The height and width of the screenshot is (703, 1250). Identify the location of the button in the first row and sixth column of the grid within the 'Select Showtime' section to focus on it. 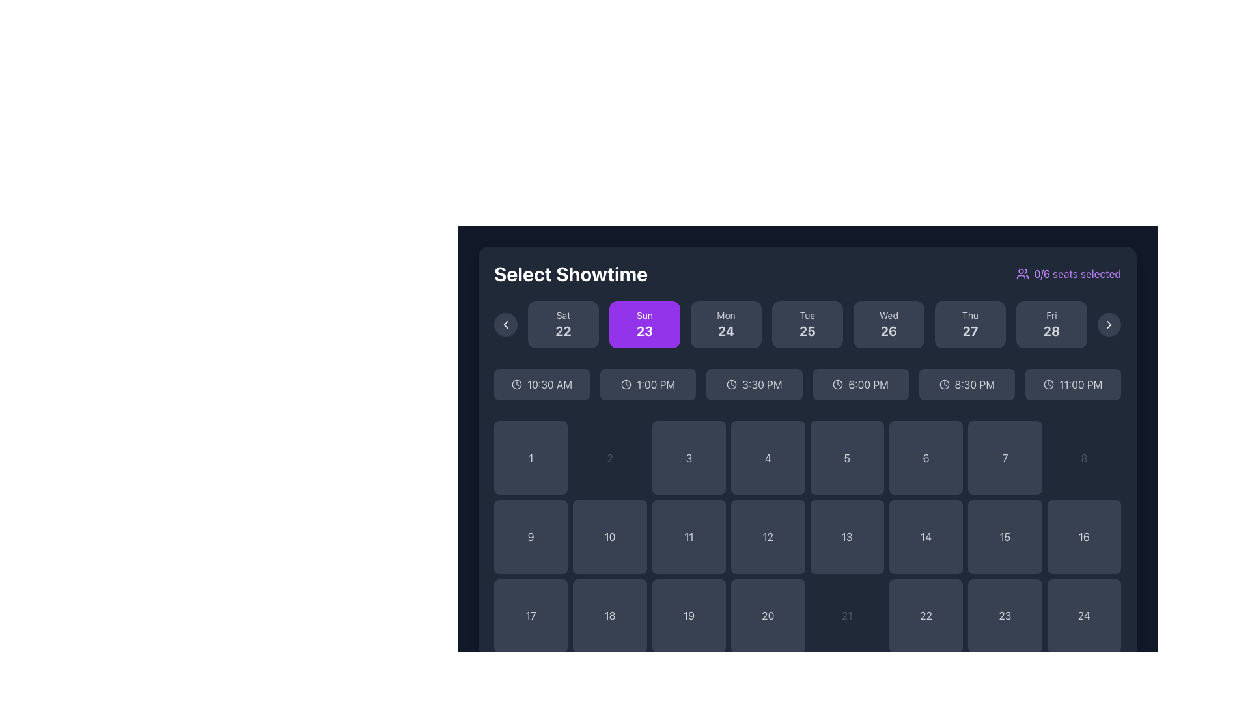
(925, 457).